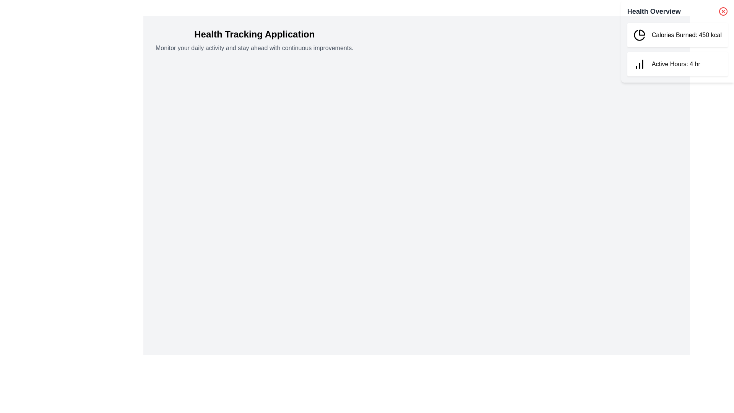 The height and width of the screenshot is (413, 734). I want to click on value displayed in the text element that shows 'Calories Burned: 450 kcal', which is positioned to the right of a pie chart icon in the 'Health Overview' section, so click(687, 35).